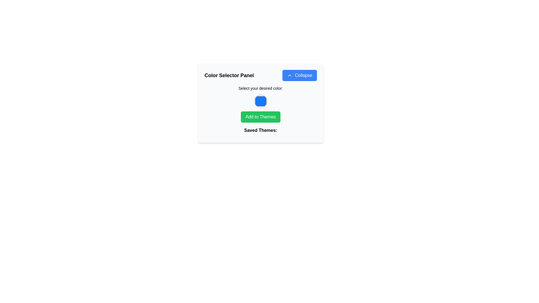 The image size is (539, 303). What do you see at coordinates (260, 116) in the screenshot?
I see `the 'Add to Themes' button, which has a green background and white text, located below the color indicator and the text label 'Select your desired color'` at bounding box center [260, 116].